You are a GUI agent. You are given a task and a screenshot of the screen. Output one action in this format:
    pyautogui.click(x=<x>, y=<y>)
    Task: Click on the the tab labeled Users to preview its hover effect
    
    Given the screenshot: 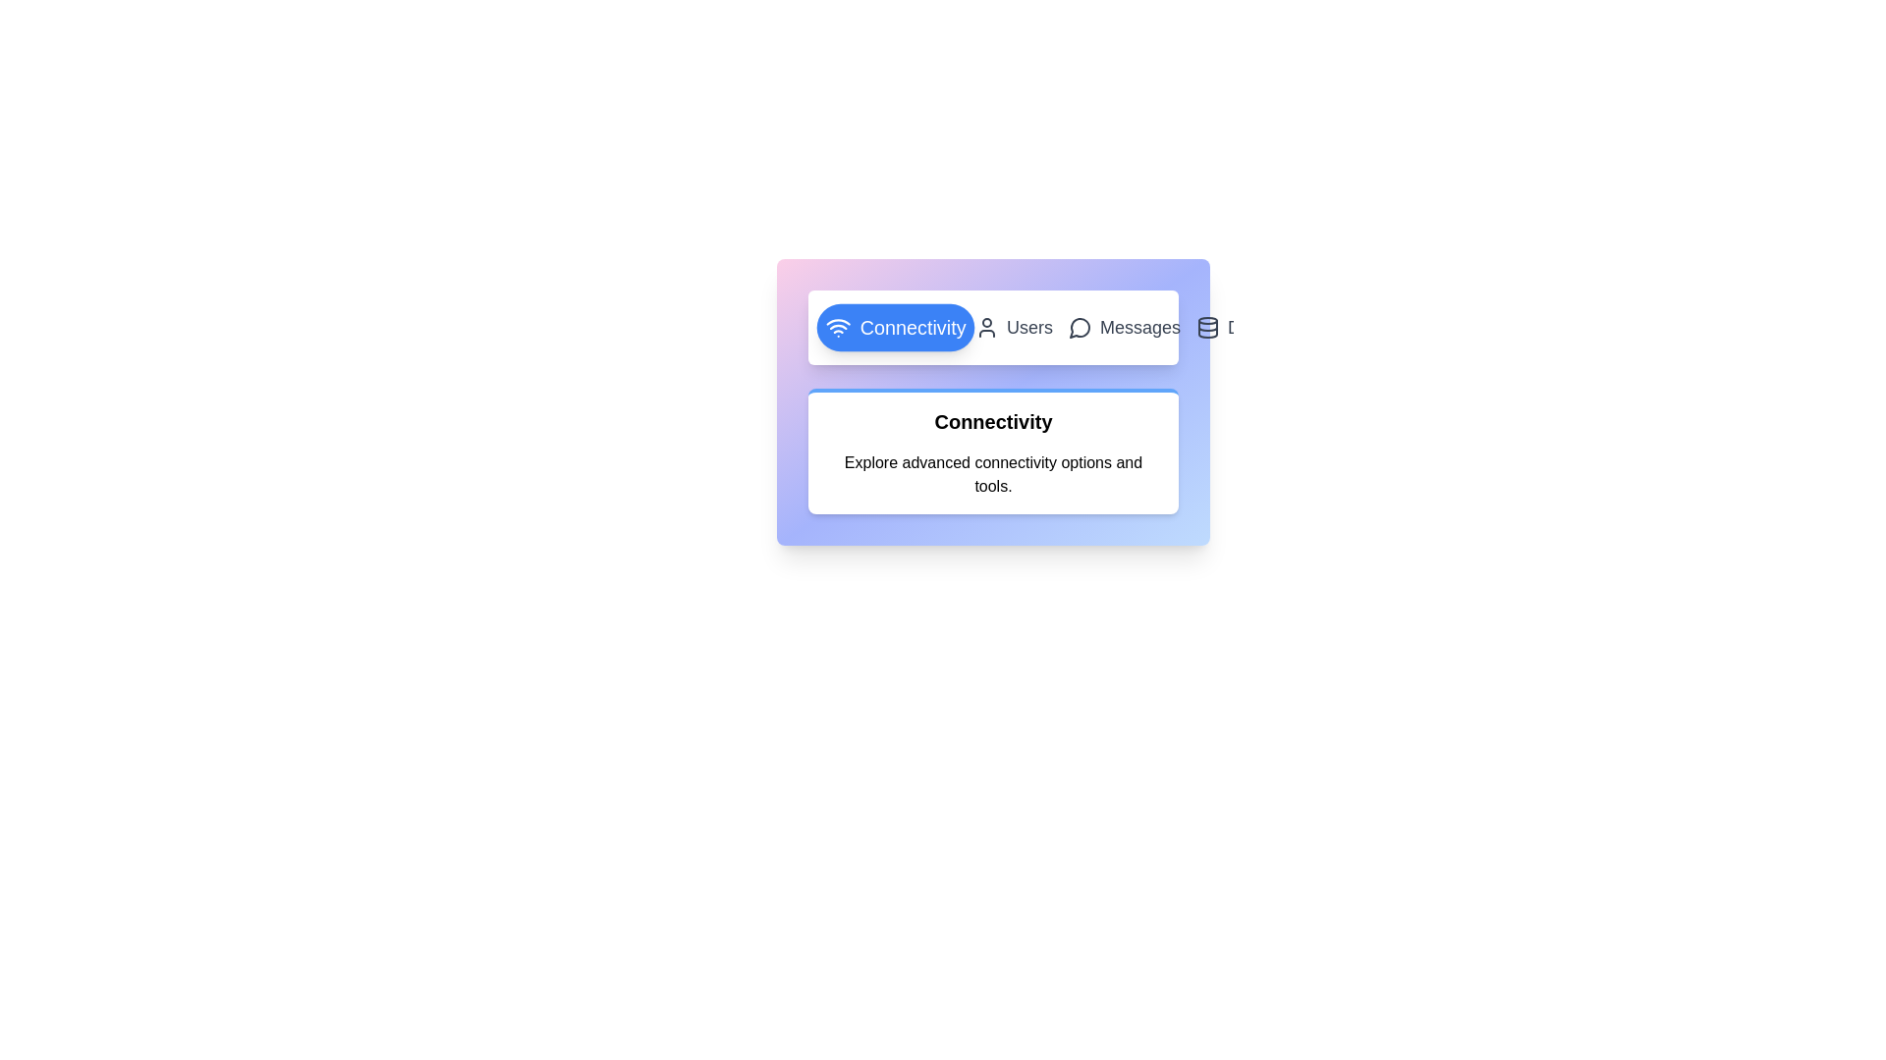 What is the action you would take?
    pyautogui.click(x=1014, y=327)
    